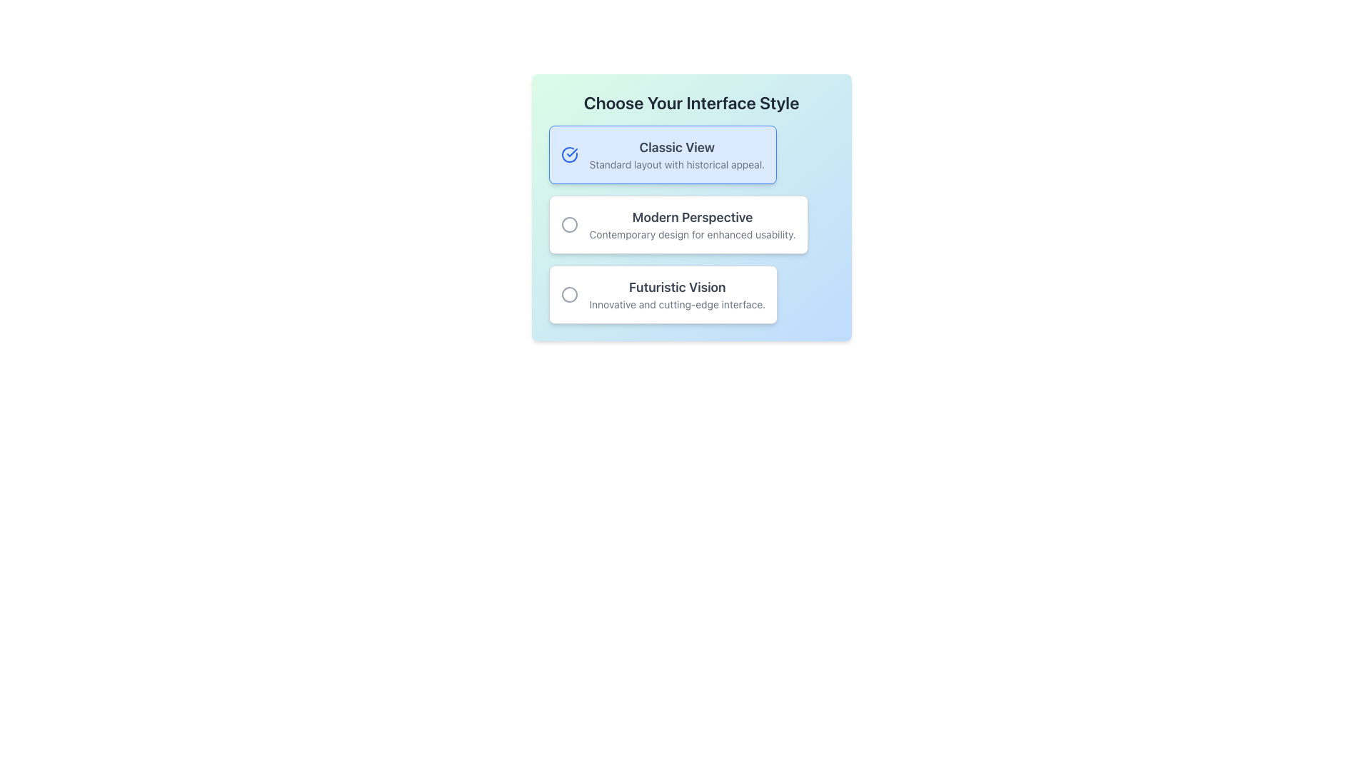 This screenshot has height=771, width=1371. Describe the element at coordinates (676, 293) in the screenshot. I see `text displayed in the element labeled 'Futuristic Vision' with the subtext 'Innovative and cutting-edge interface.'` at that location.